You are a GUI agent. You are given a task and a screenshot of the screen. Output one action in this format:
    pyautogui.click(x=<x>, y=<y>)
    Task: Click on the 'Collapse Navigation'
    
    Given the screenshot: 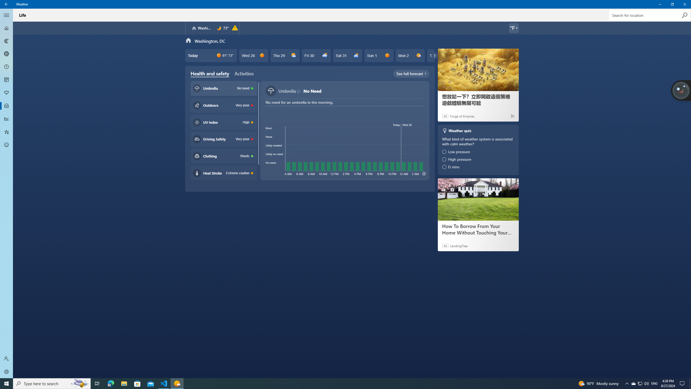 What is the action you would take?
    pyautogui.click(x=6, y=15)
    